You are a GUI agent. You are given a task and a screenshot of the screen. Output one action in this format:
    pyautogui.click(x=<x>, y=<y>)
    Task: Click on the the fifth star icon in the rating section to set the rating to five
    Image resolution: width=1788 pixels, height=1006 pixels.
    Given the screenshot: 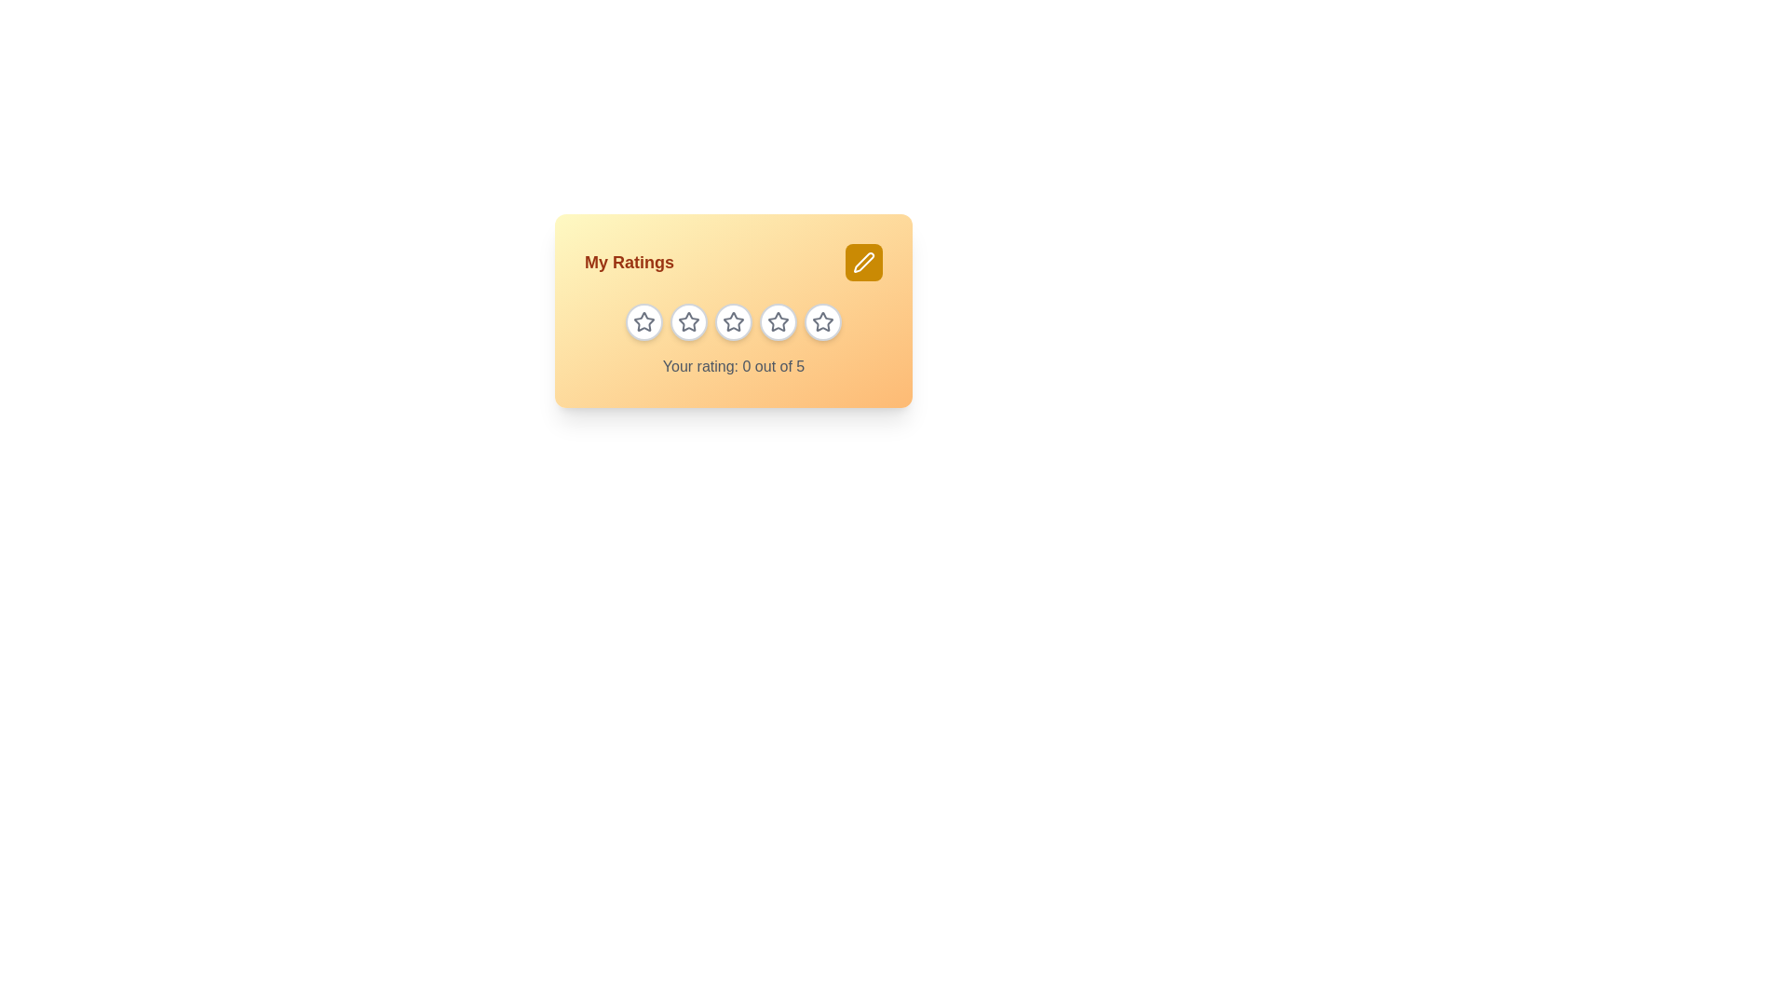 What is the action you would take?
    pyautogui.click(x=821, y=321)
    